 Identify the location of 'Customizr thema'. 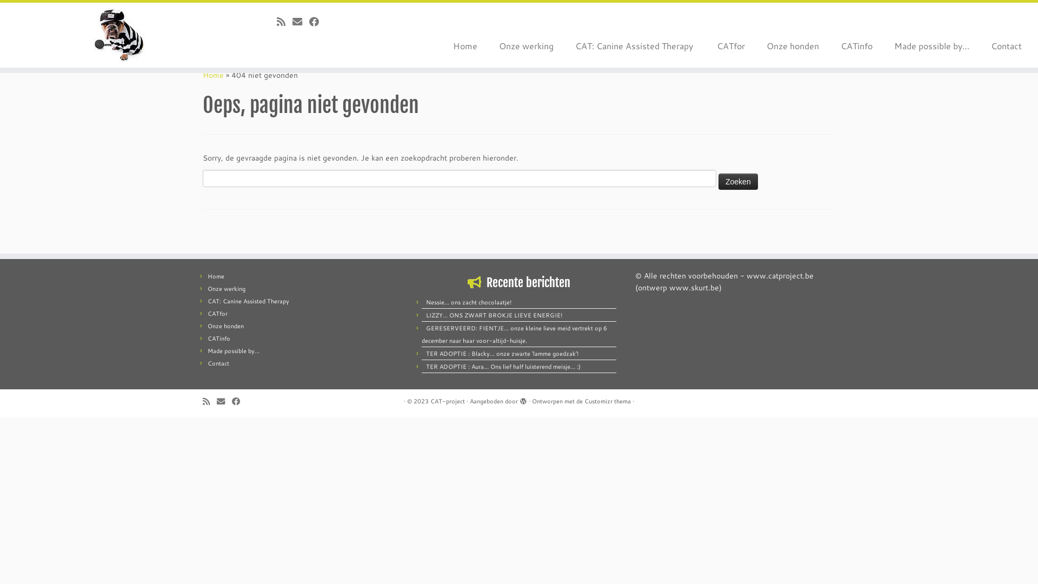
(607, 401).